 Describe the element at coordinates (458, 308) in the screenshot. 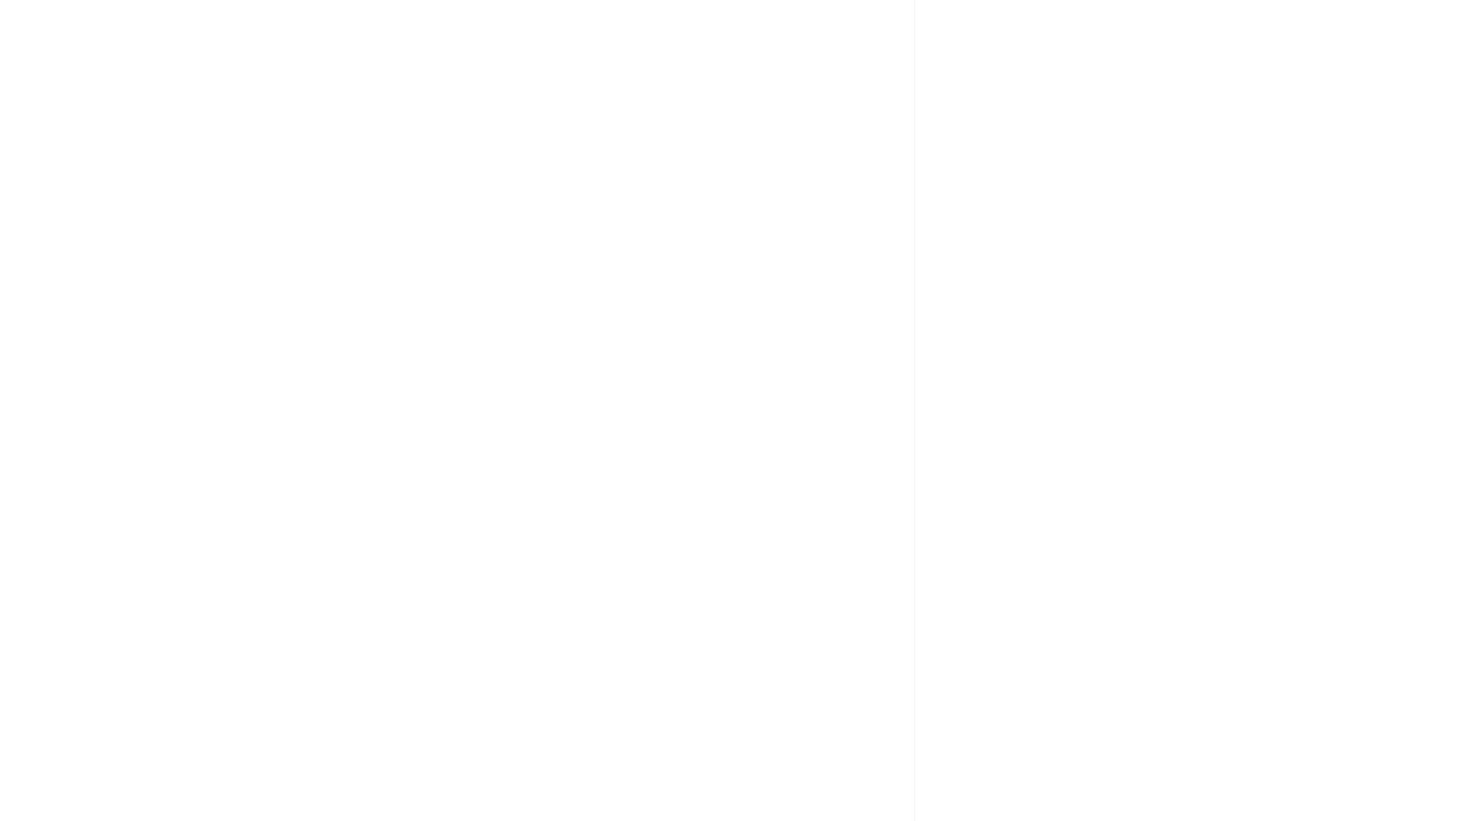

I see `'Registered under The National Trust with Registration No. AASH16515908695'` at that location.